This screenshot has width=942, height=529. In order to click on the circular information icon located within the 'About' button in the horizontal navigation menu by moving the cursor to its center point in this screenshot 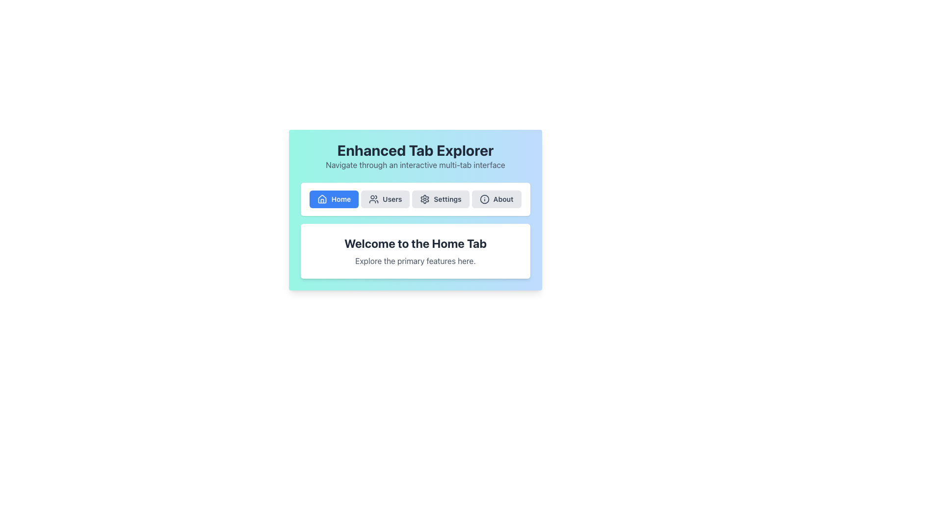, I will do `click(484, 199)`.